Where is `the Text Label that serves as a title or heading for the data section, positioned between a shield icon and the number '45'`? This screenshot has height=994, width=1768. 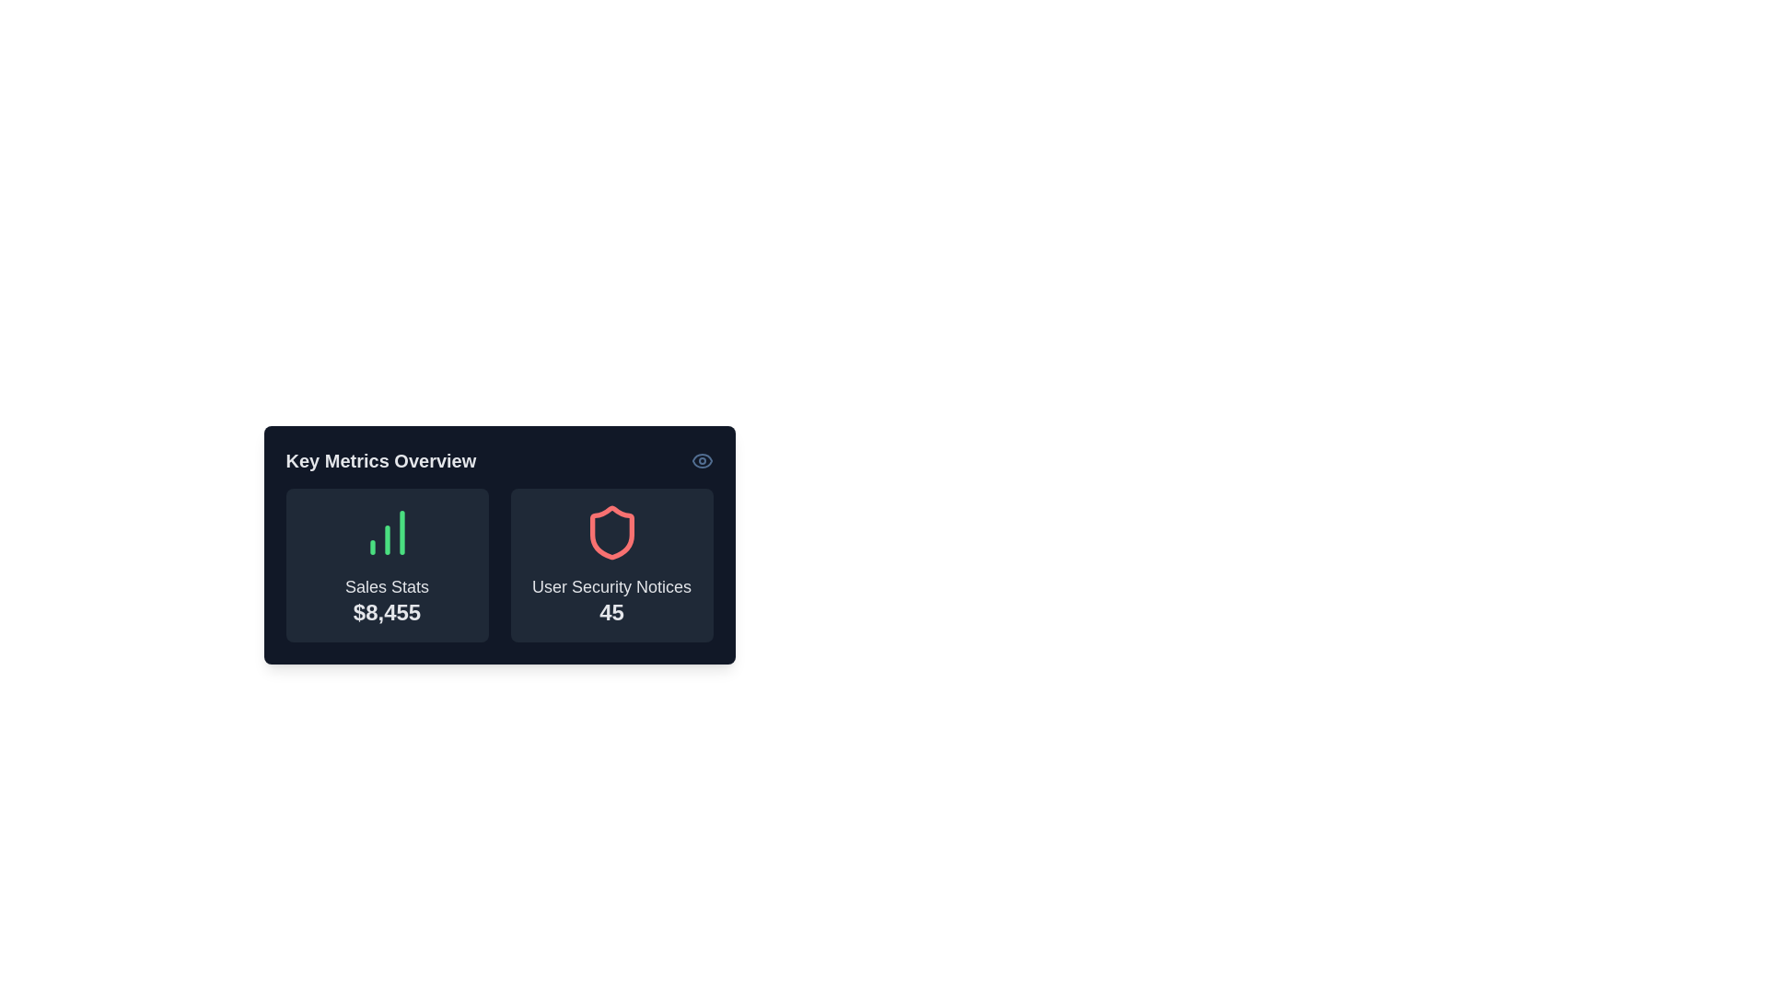 the Text Label that serves as a title or heading for the data section, positioned between a shield icon and the number '45' is located at coordinates (611, 587).